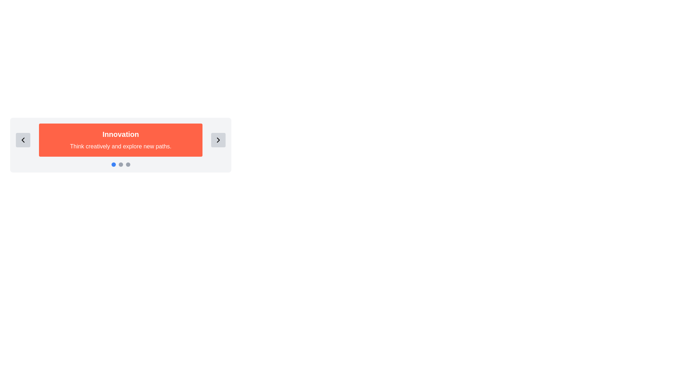 This screenshot has width=693, height=389. Describe the element at coordinates (218, 140) in the screenshot. I see `the Chevron Arrow icon located on the far-right side of the carousel's right navigation button, which indicates the direction of navigation for the user` at that location.